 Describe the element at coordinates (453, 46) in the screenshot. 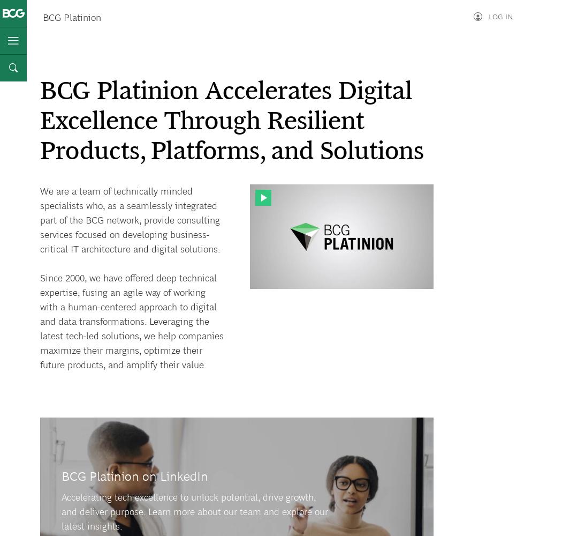

I see `'Log error'` at that location.